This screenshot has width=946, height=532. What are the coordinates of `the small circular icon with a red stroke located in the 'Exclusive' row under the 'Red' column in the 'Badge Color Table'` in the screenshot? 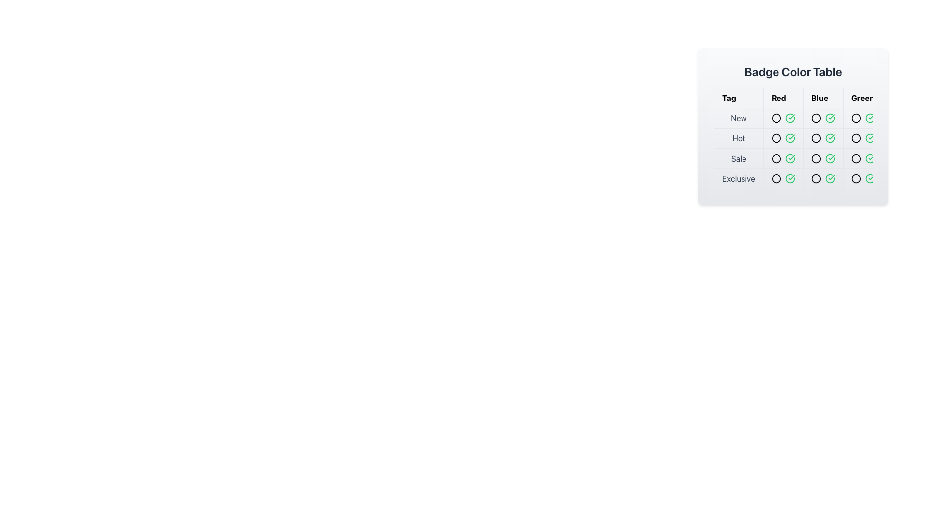 It's located at (782, 178).